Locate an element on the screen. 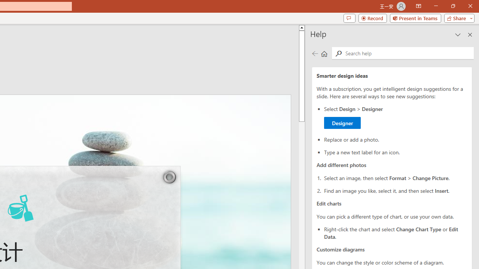 The height and width of the screenshot is (269, 479). 'Task Pane Options' is located at coordinates (458, 34).